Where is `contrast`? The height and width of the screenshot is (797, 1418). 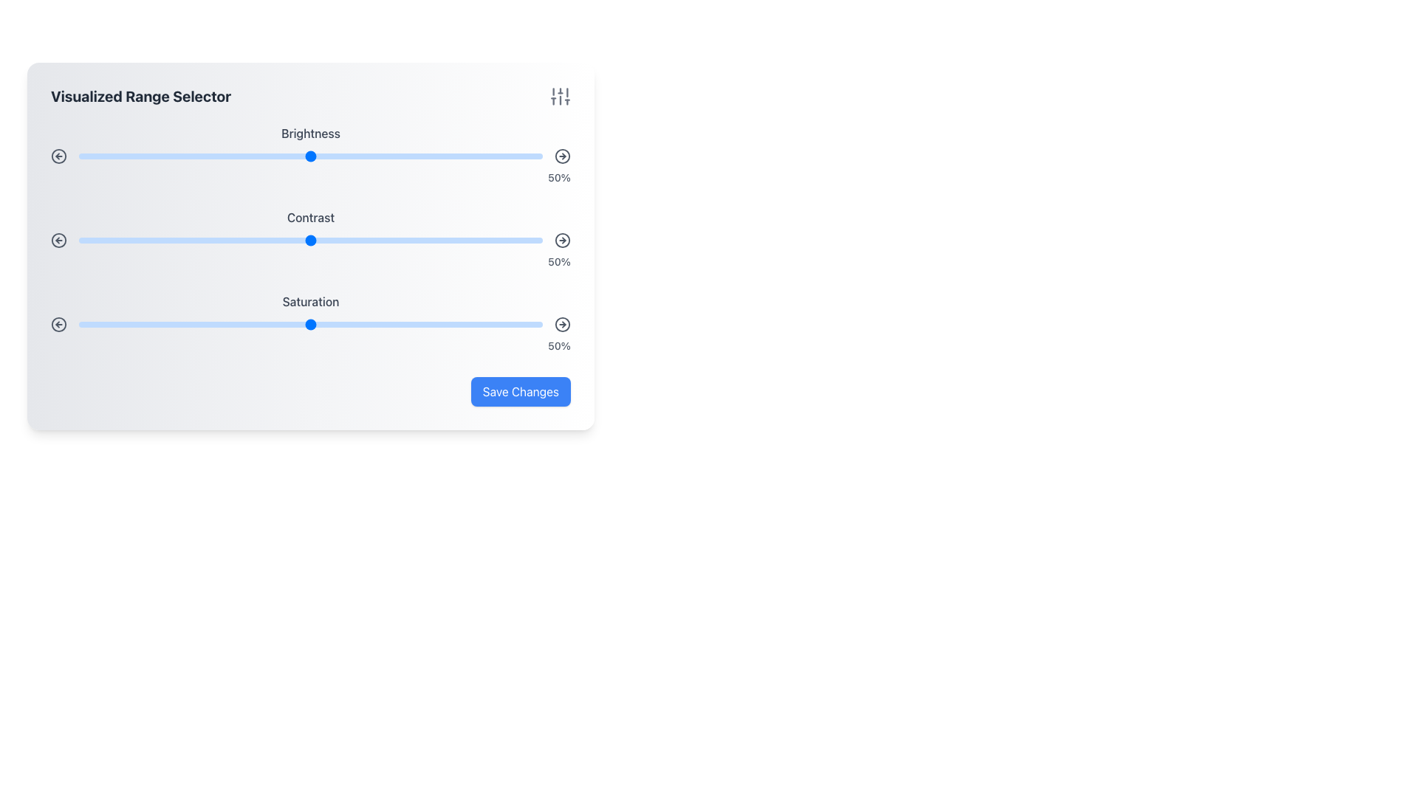
contrast is located at coordinates (403, 240).